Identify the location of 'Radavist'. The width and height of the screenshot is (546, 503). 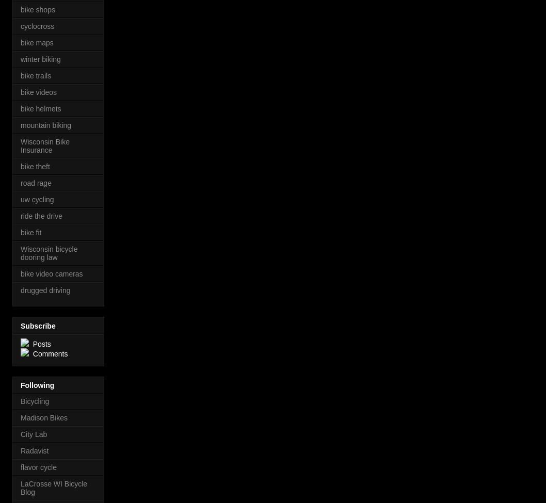
(34, 450).